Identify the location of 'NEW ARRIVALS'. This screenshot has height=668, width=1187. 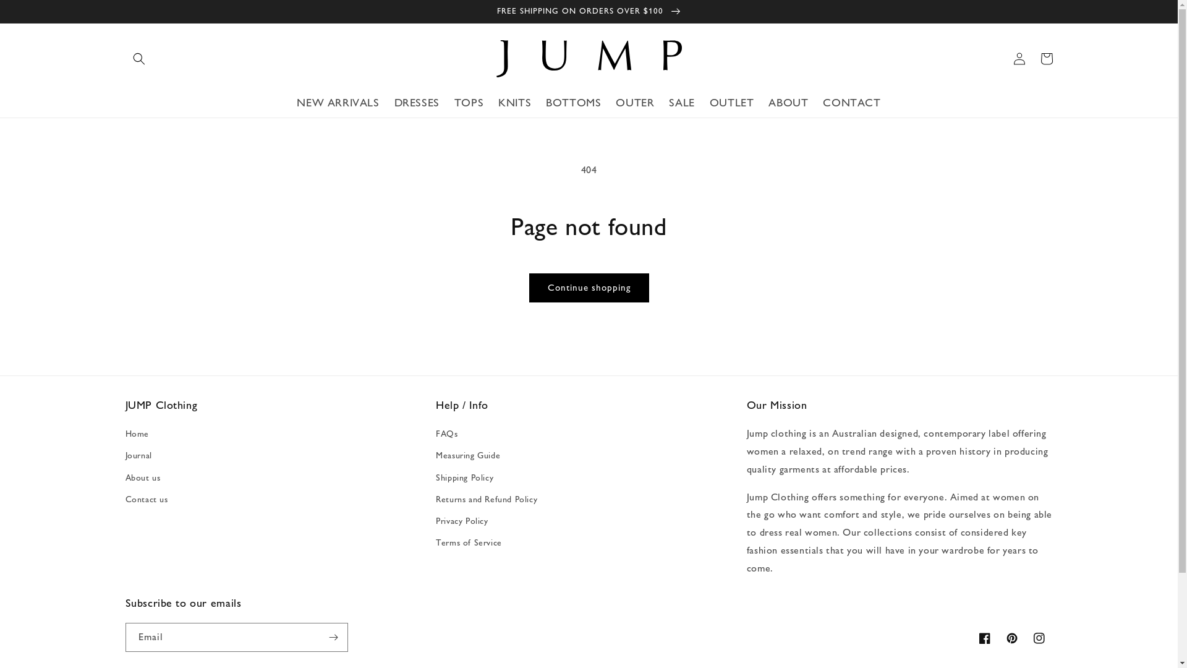
(338, 102).